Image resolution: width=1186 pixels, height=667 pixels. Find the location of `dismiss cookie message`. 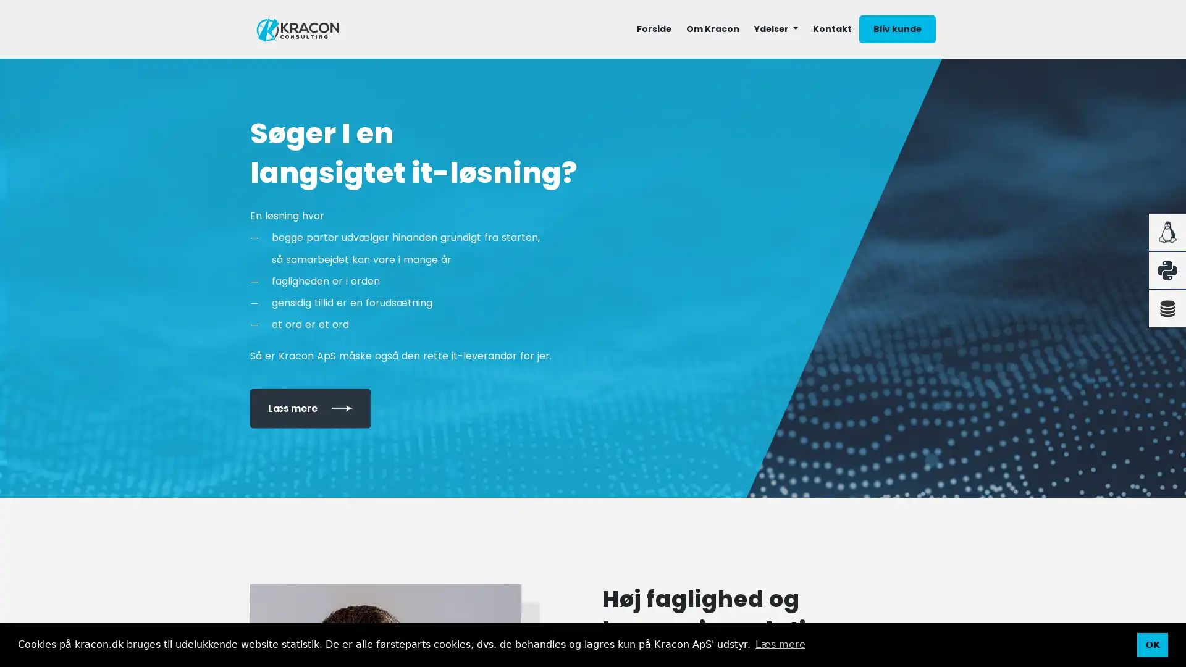

dismiss cookie message is located at coordinates (1152, 644).